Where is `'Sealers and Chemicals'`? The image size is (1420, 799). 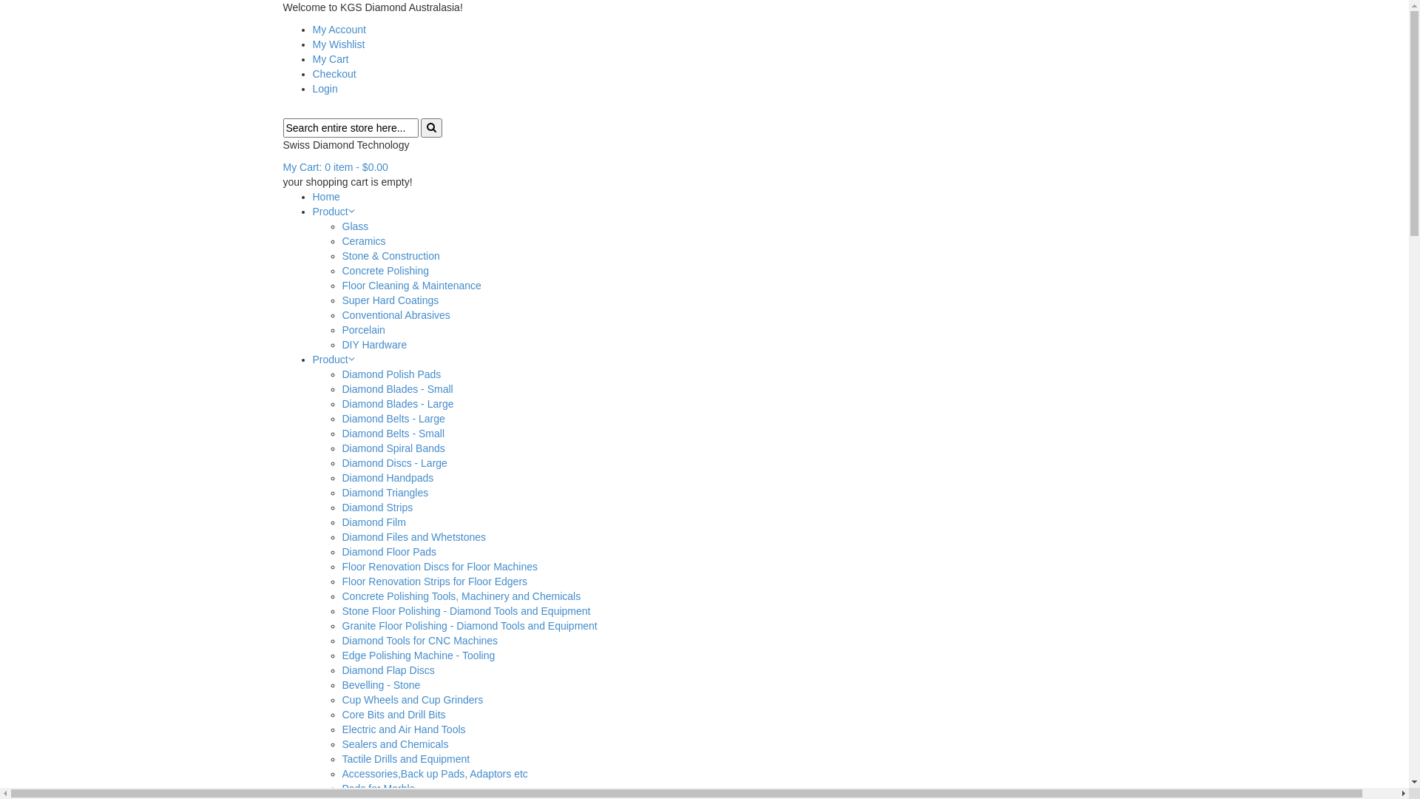
'Sealers and Chemicals' is located at coordinates (340, 744).